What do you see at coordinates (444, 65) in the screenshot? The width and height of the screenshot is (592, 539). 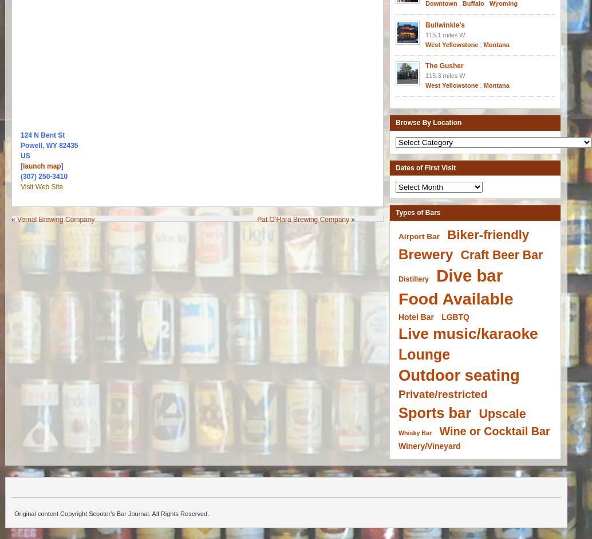 I see `'The Gusher'` at bounding box center [444, 65].